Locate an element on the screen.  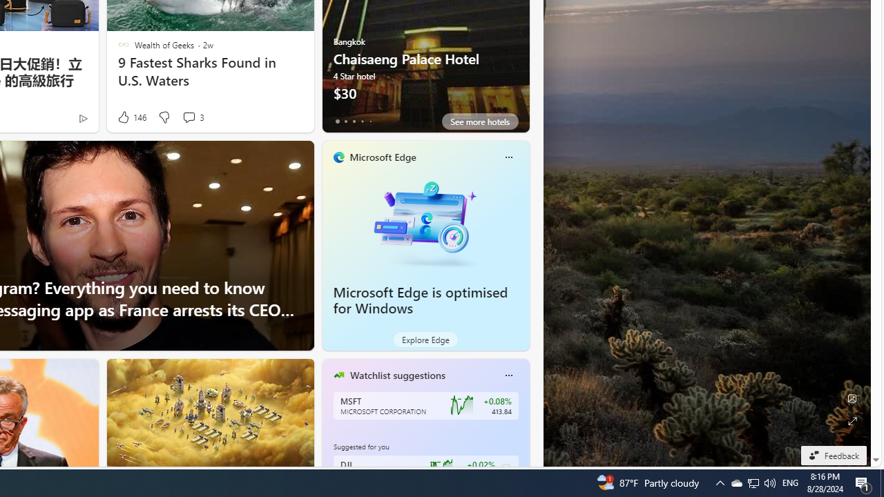
'Class: icon-img' is located at coordinates (508, 375).